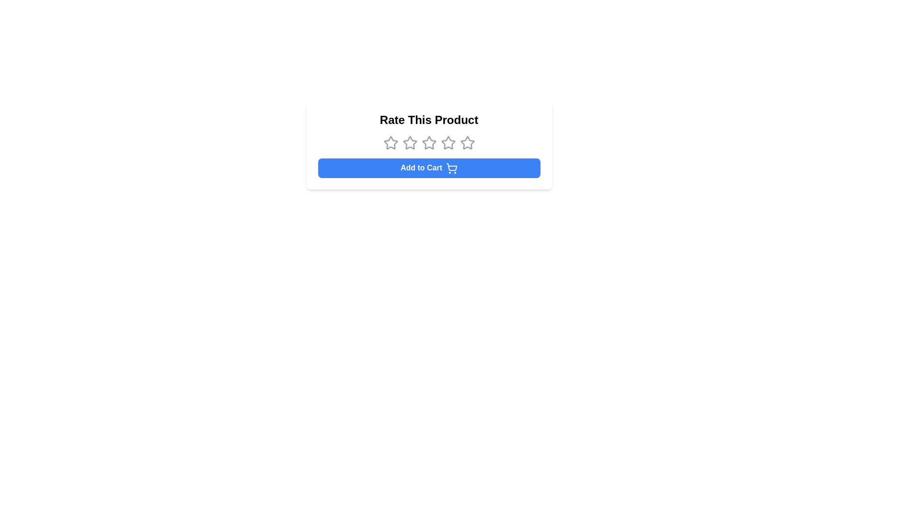  I want to click on the shopping cart SVG icon located on the right side of the 'Add to Cart' button, so click(451, 166).